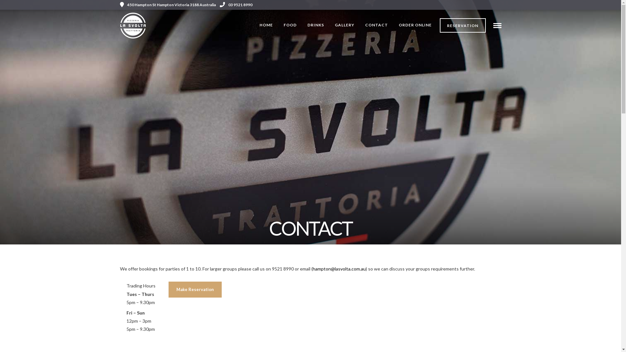  What do you see at coordinates (194, 289) in the screenshot?
I see `'Make Reservation'` at bounding box center [194, 289].